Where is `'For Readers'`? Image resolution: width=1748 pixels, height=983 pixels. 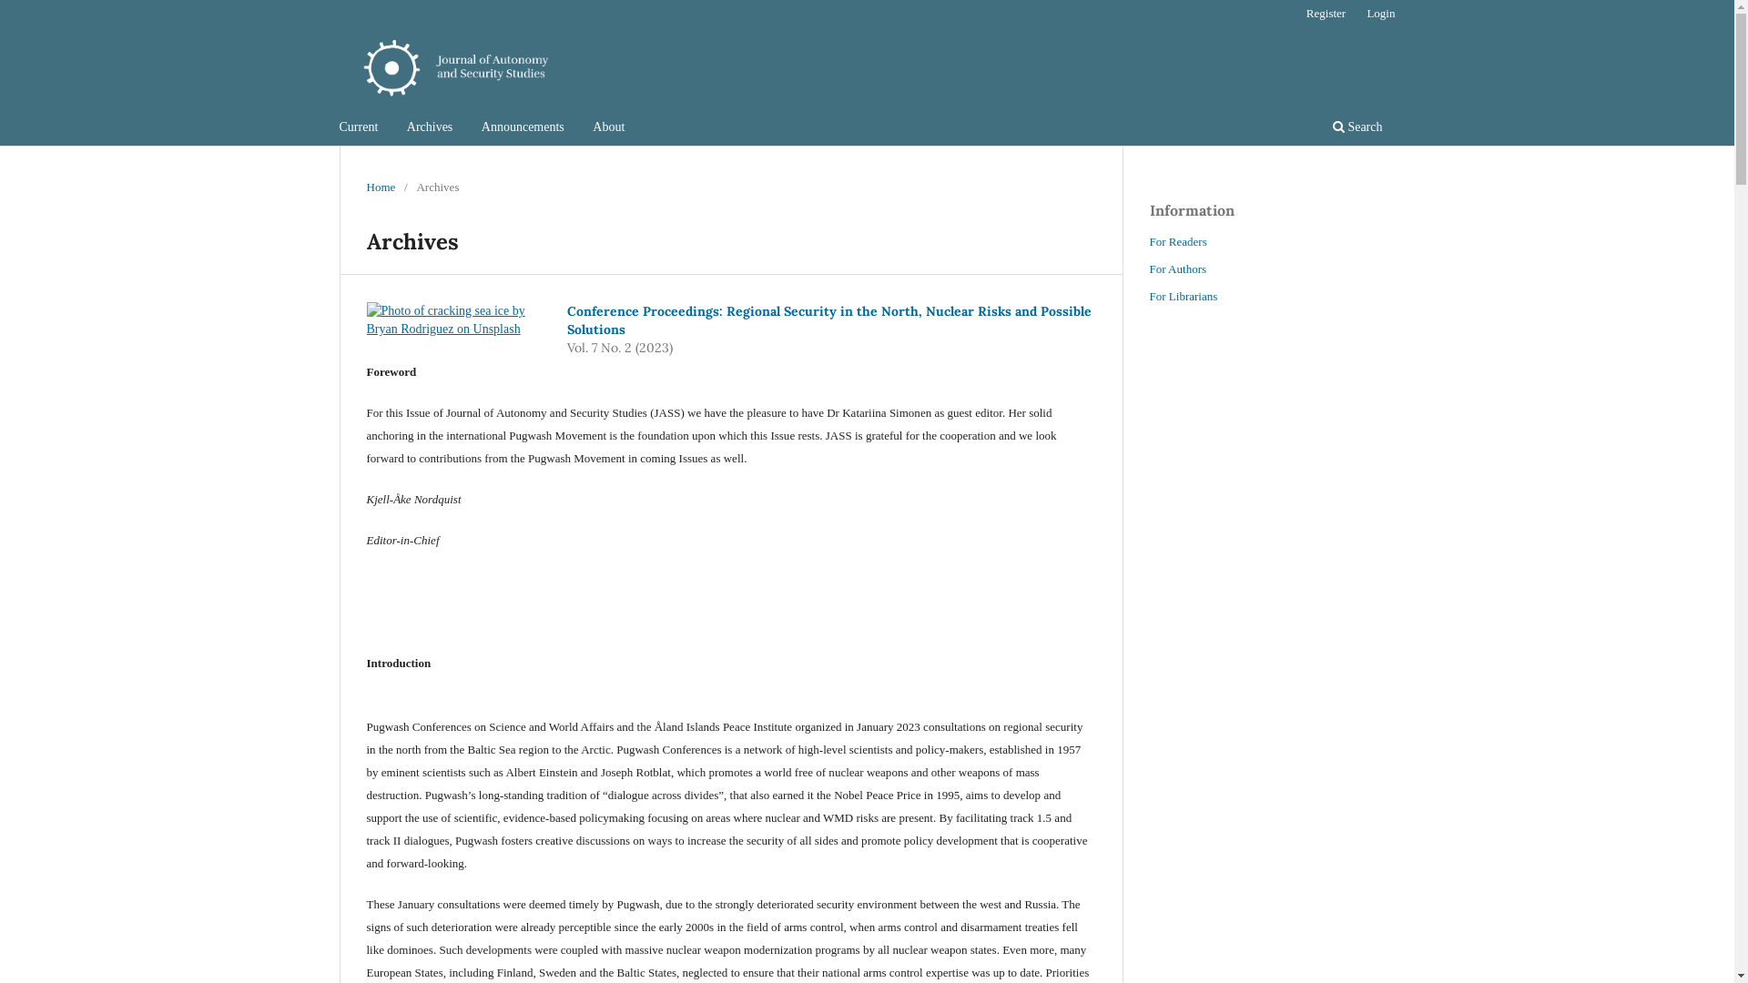
'For Readers' is located at coordinates (1177, 240).